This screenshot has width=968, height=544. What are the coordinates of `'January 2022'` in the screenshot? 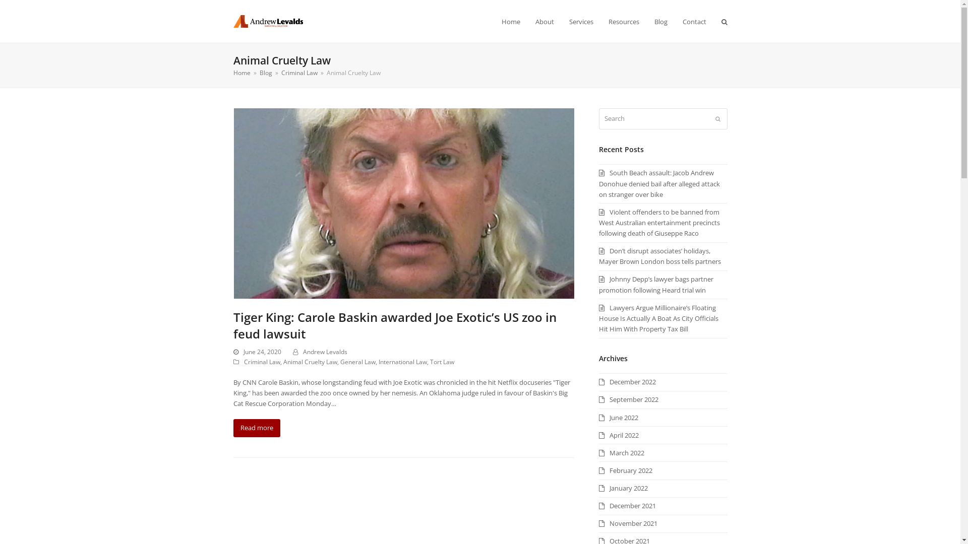 It's located at (623, 487).